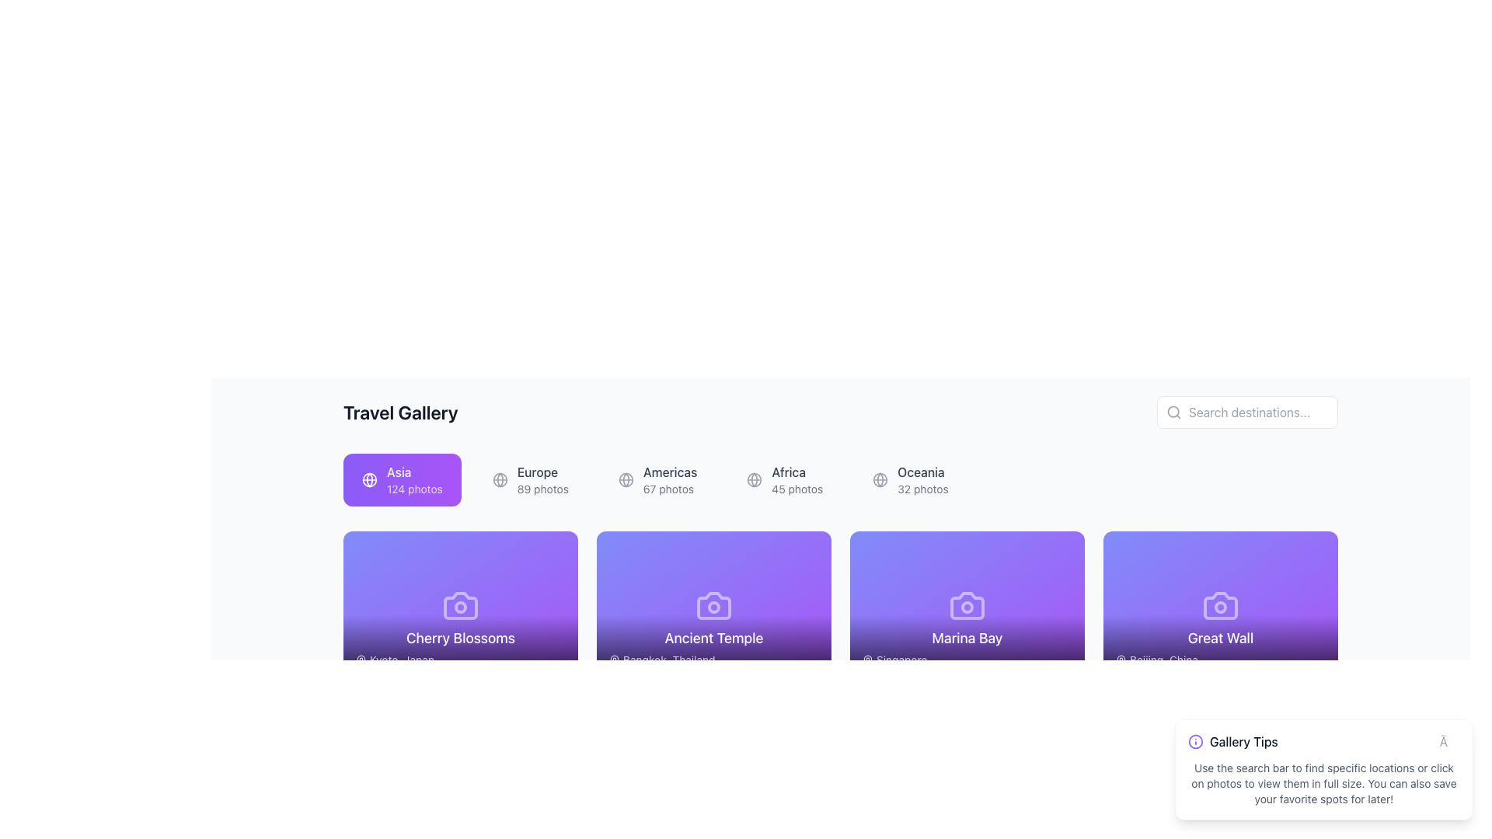  Describe the element at coordinates (1279, 725) in the screenshot. I see `the circular share button with a semi-transparent white background located in the top-right corner of the 'Gallery Tips' informational box to initiate sharing` at that location.